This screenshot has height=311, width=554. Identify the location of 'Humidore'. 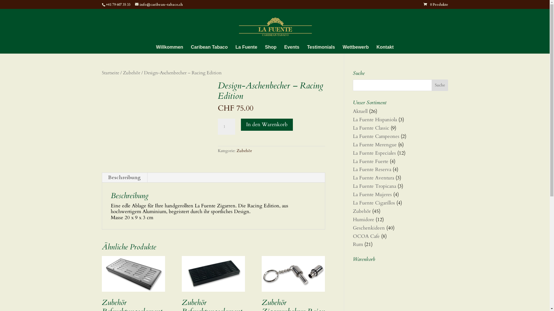
(363, 219).